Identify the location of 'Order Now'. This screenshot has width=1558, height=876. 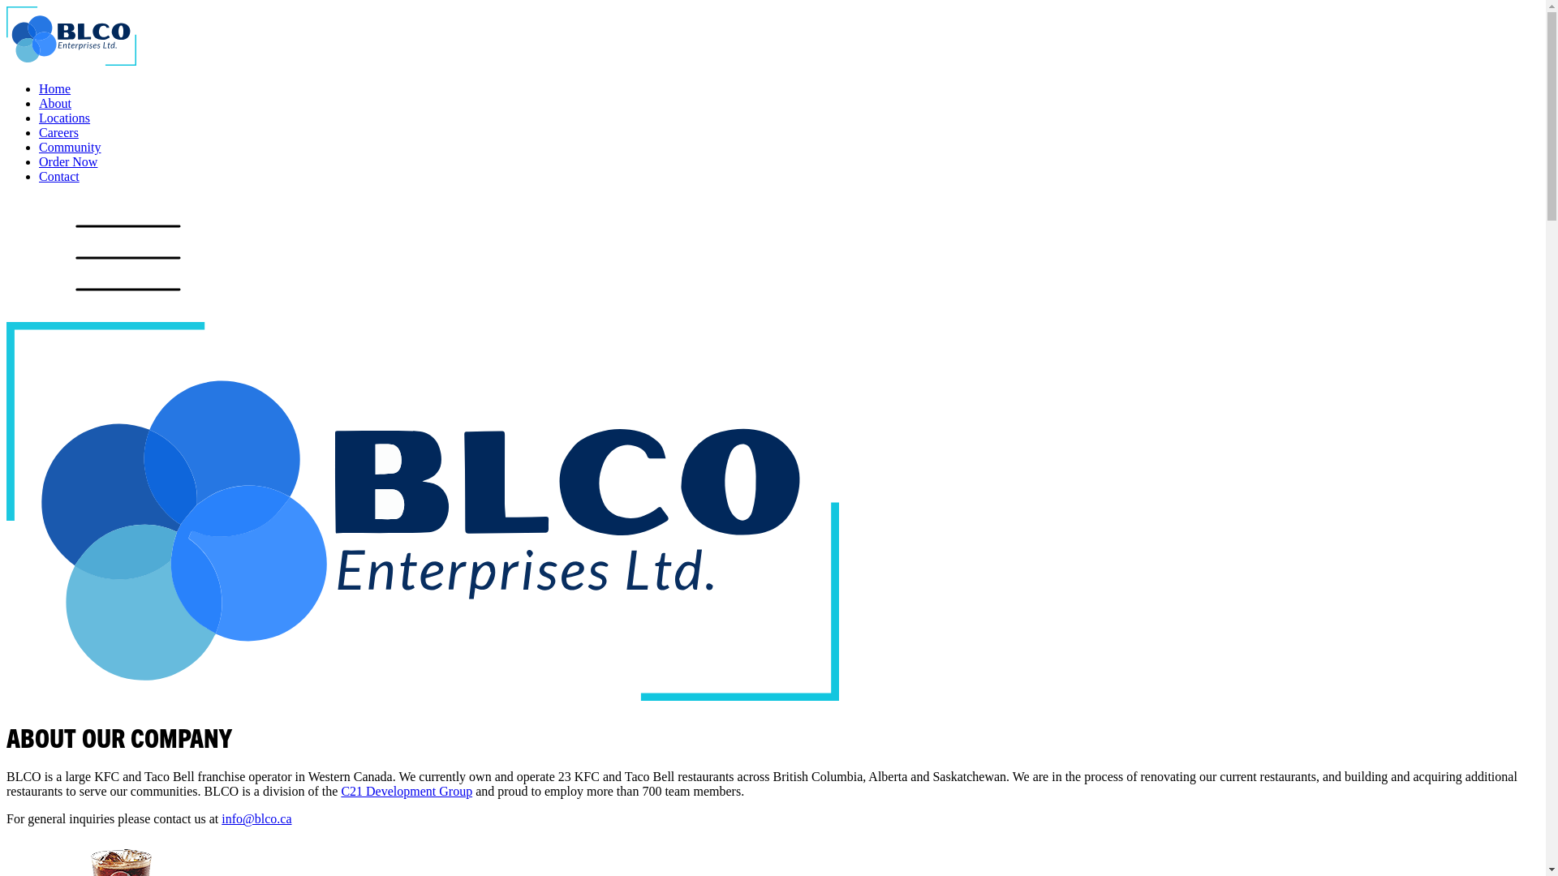
(67, 161).